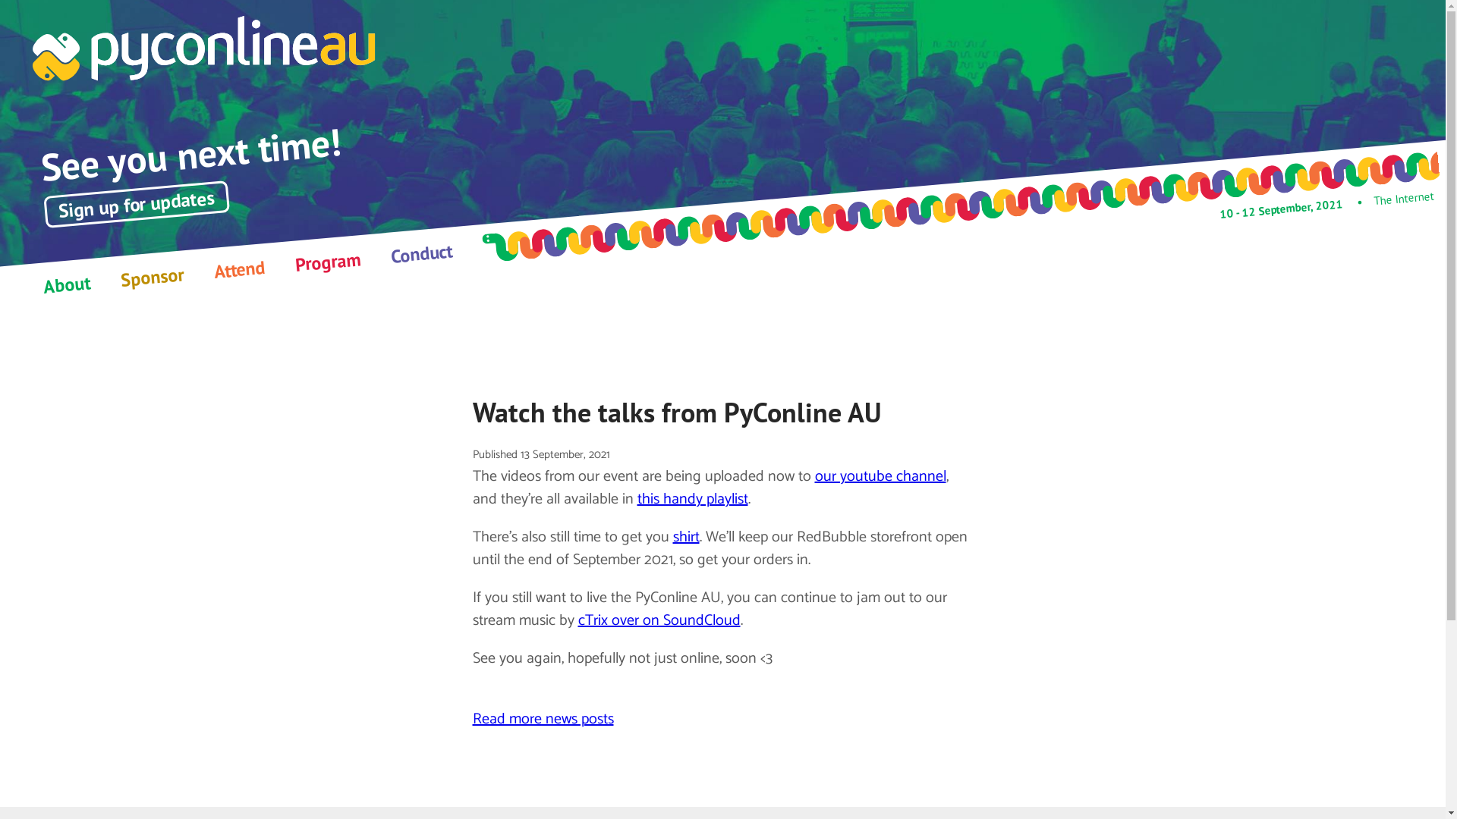  I want to click on 'Conduct', so click(421, 249).